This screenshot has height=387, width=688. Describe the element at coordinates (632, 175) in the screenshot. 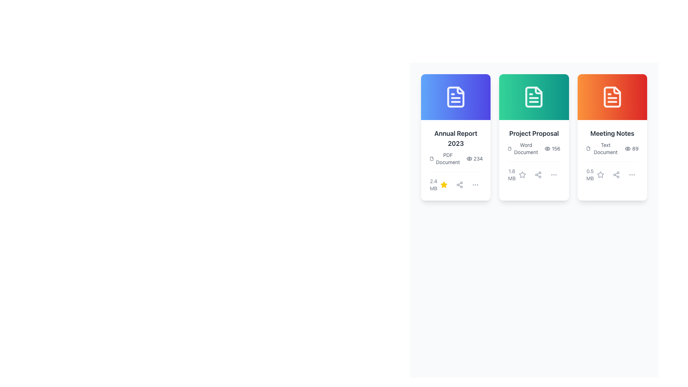

I see `the circular icon button with three gray dots located at the bottom-right corner of the 'Meeting Notes' card` at that location.